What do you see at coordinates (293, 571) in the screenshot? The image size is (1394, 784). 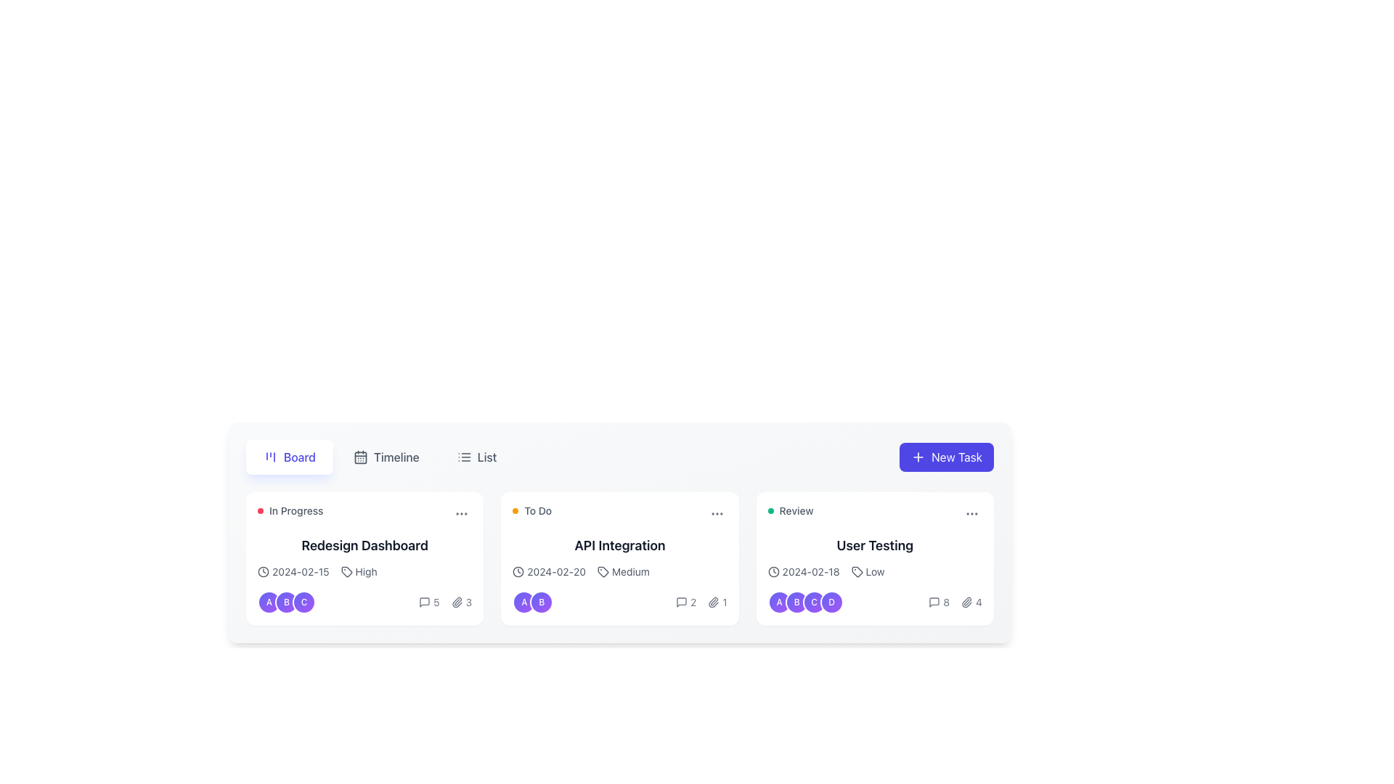 I see `the date label with icon indicating a specific date, located in the 'Redesign Dashboard' card` at bounding box center [293, 571].